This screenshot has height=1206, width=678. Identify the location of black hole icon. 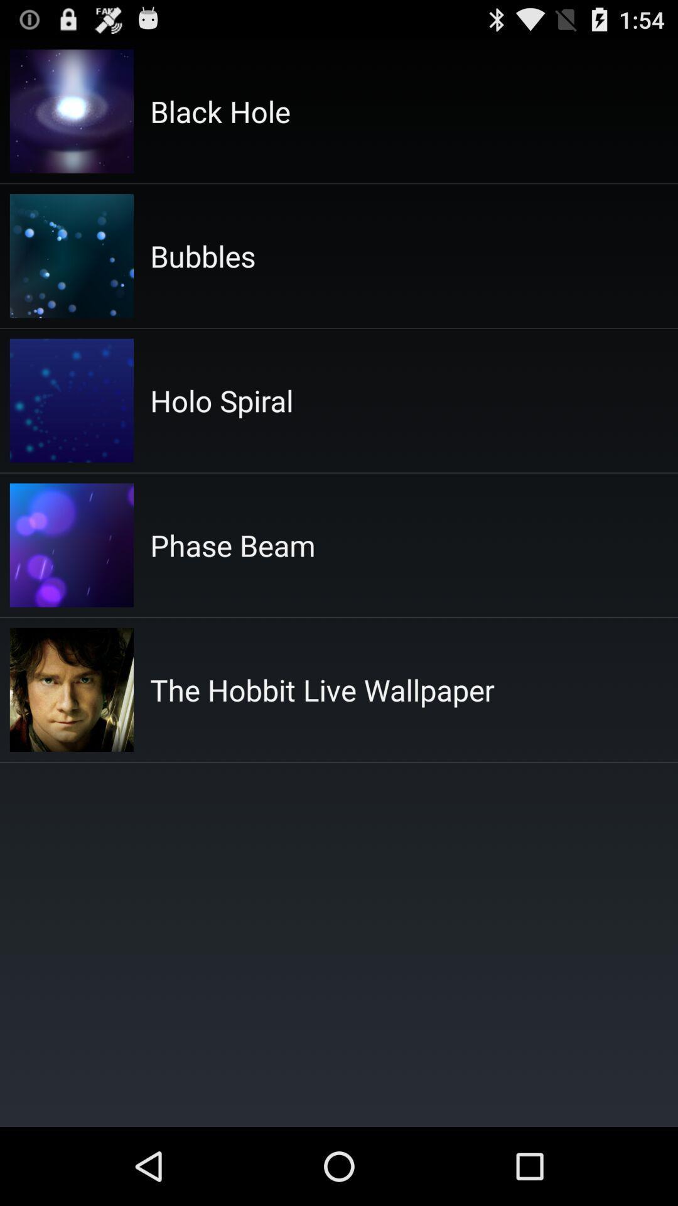
(220, 111).